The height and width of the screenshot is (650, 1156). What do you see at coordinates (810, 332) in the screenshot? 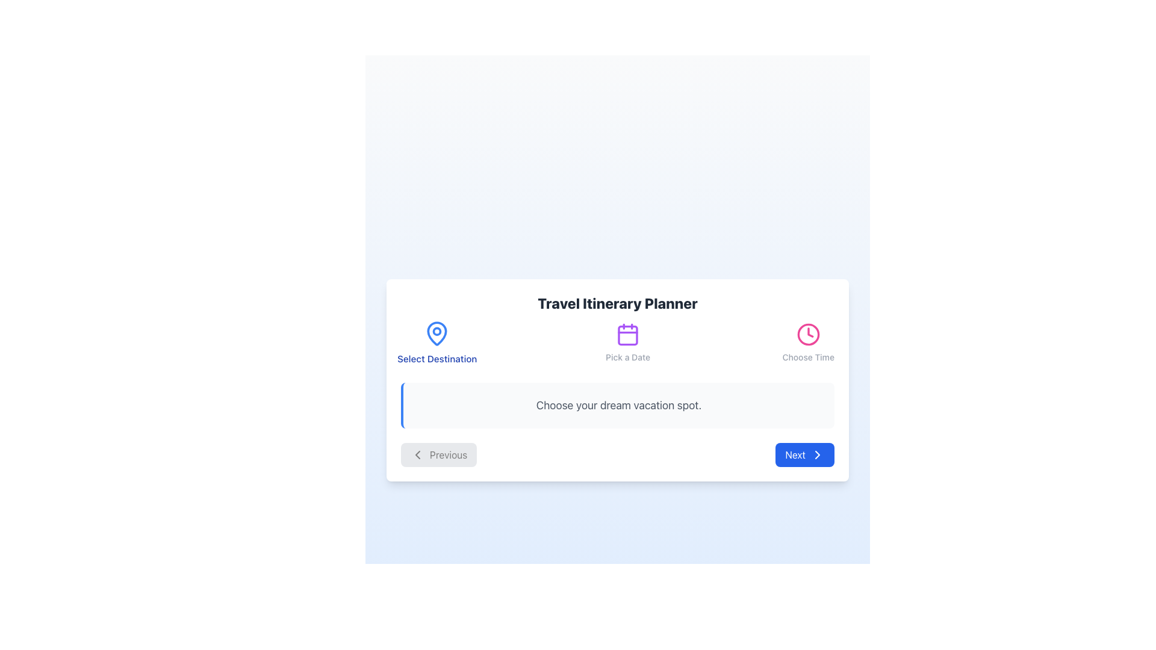
I see `the triangular pointer within the SVG graphical clock icon in the 'Choose Time' section header, which indicates time` at bounding box center [810, 332].